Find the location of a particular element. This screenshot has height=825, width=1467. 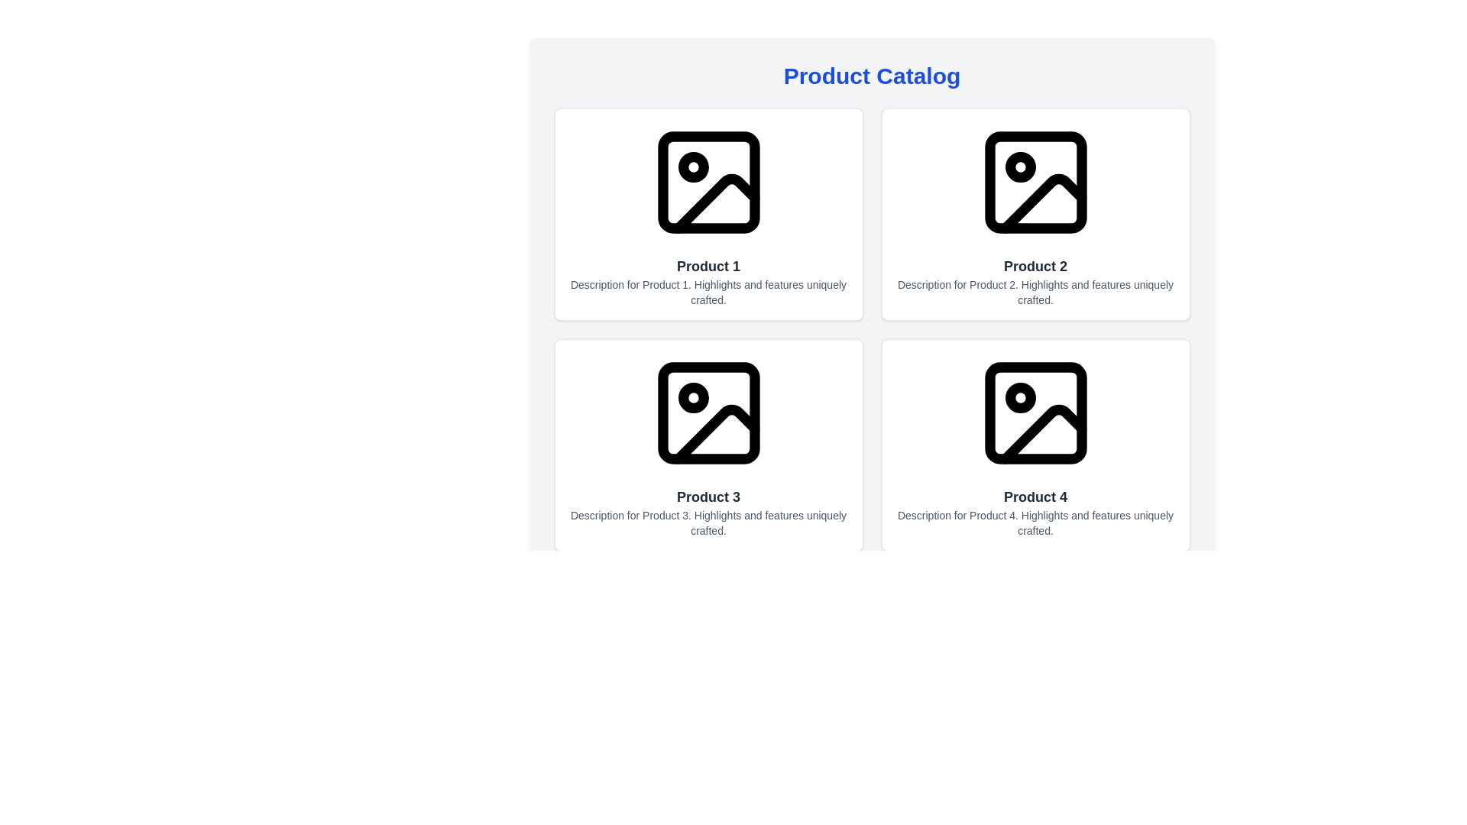

the Circle (SVG element) that indicates a state or selection for 'Product 2' located in the top-right section of the interface is located at coordinates (1020, 167).